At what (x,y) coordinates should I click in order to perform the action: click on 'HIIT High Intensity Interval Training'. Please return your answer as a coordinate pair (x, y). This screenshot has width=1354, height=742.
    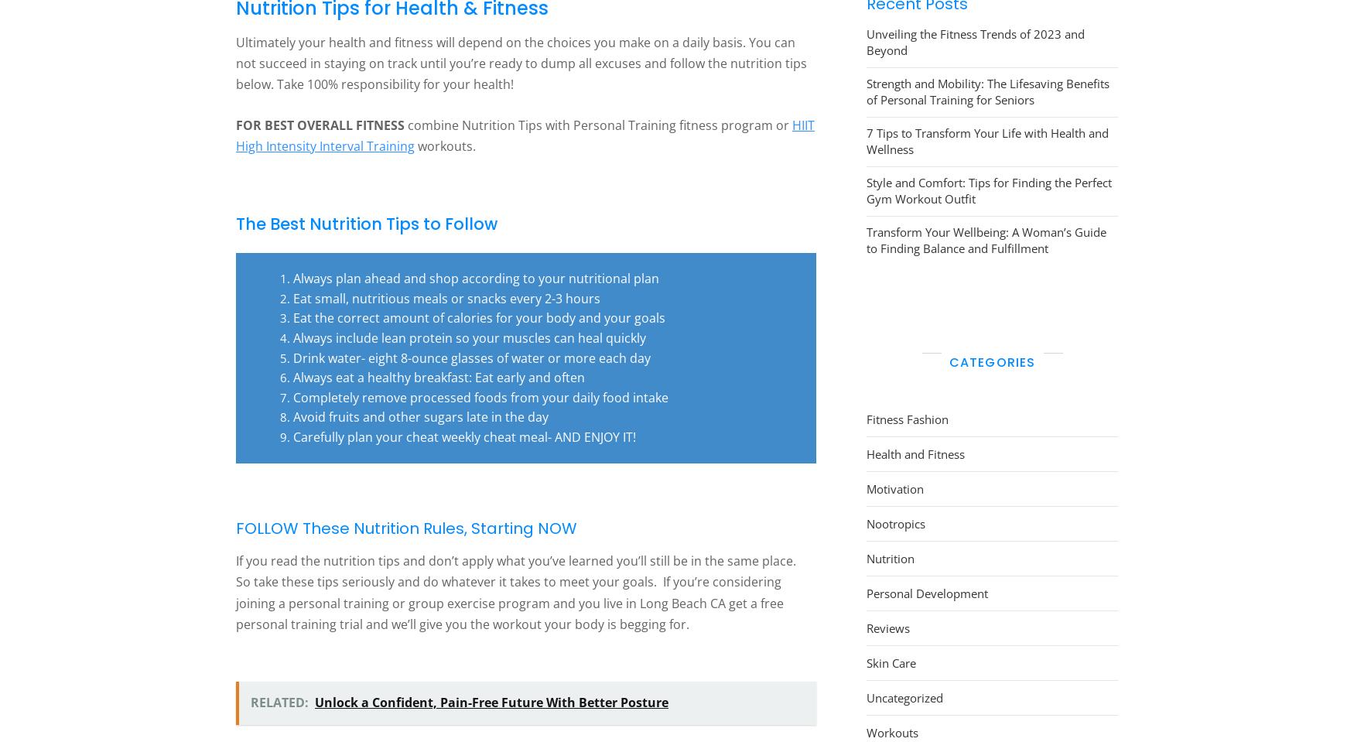
    Looking at the image, I should click on (525, 134).